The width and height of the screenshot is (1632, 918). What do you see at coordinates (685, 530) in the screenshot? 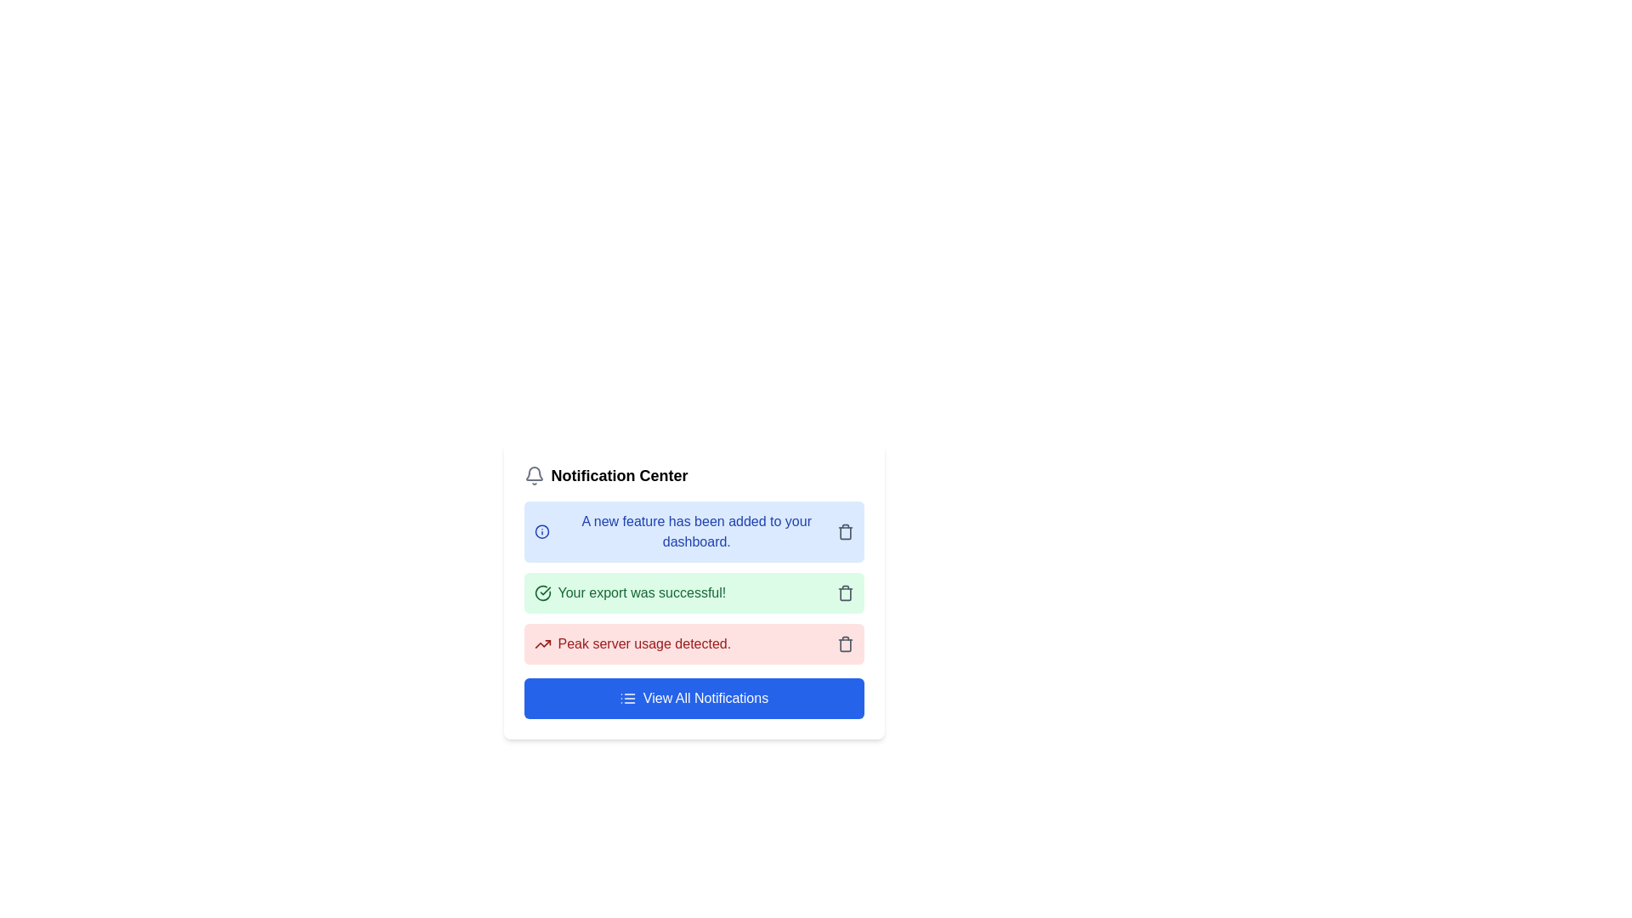
I see `text displayed on the first notification card in the Notification Center section` at bounding box center [685, 530].